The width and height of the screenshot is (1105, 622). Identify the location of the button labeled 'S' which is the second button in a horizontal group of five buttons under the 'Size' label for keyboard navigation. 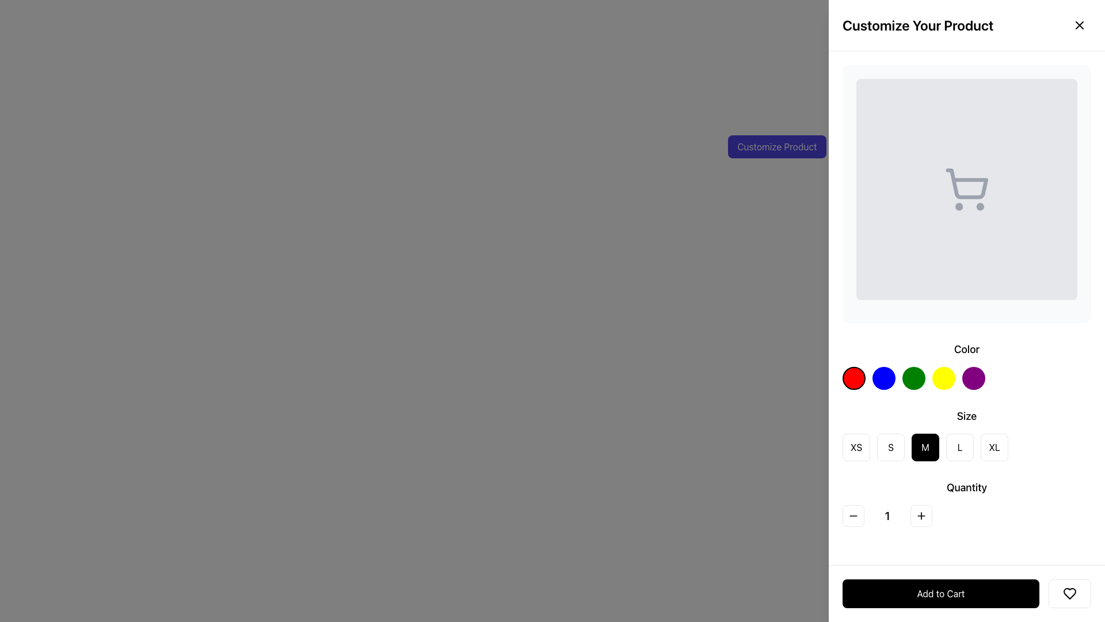
(890, 446).